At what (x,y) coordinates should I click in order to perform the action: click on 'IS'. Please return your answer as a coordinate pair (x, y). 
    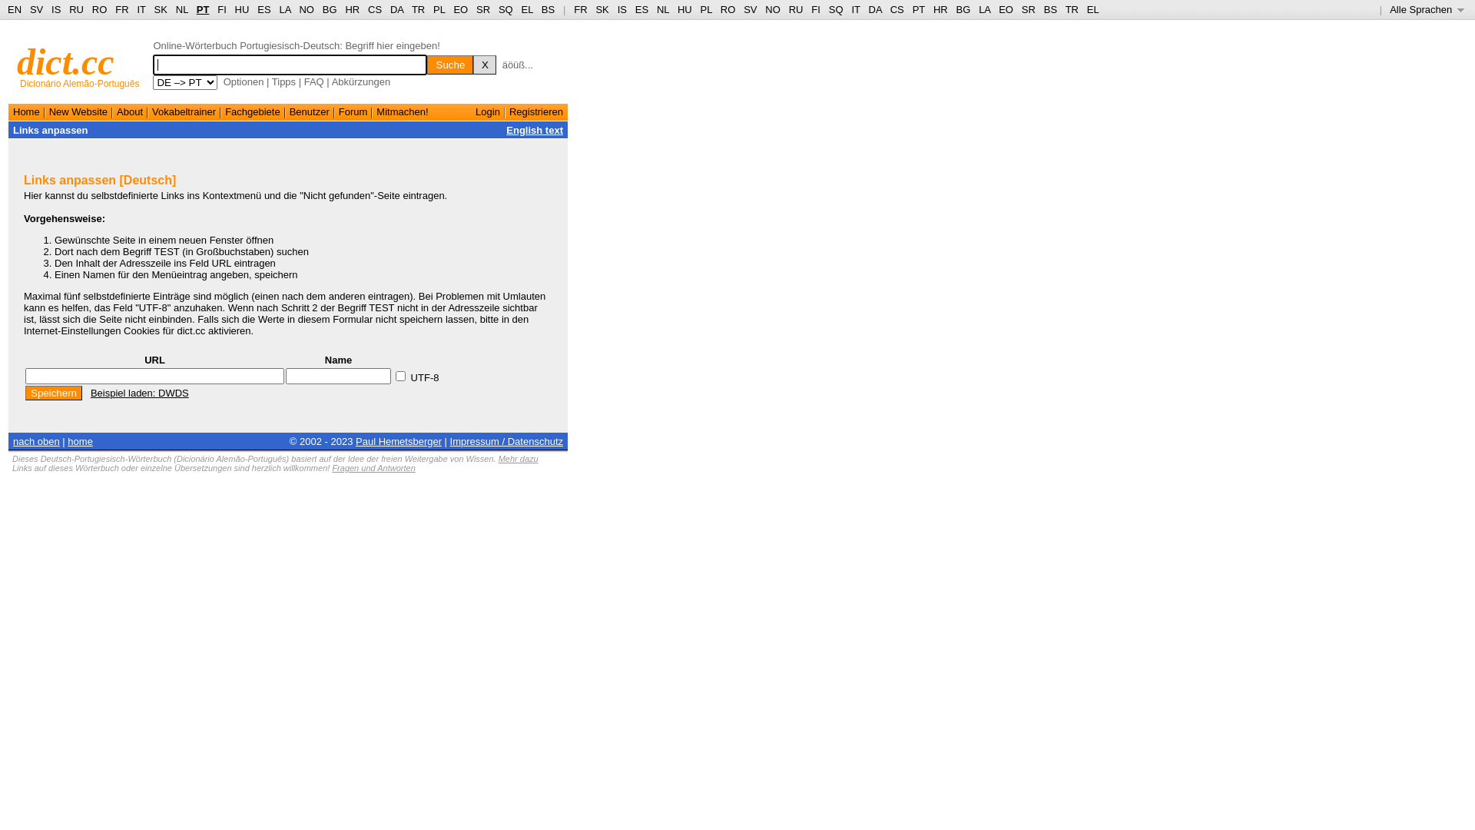
    Looking at the image, I should click on (55, 9).